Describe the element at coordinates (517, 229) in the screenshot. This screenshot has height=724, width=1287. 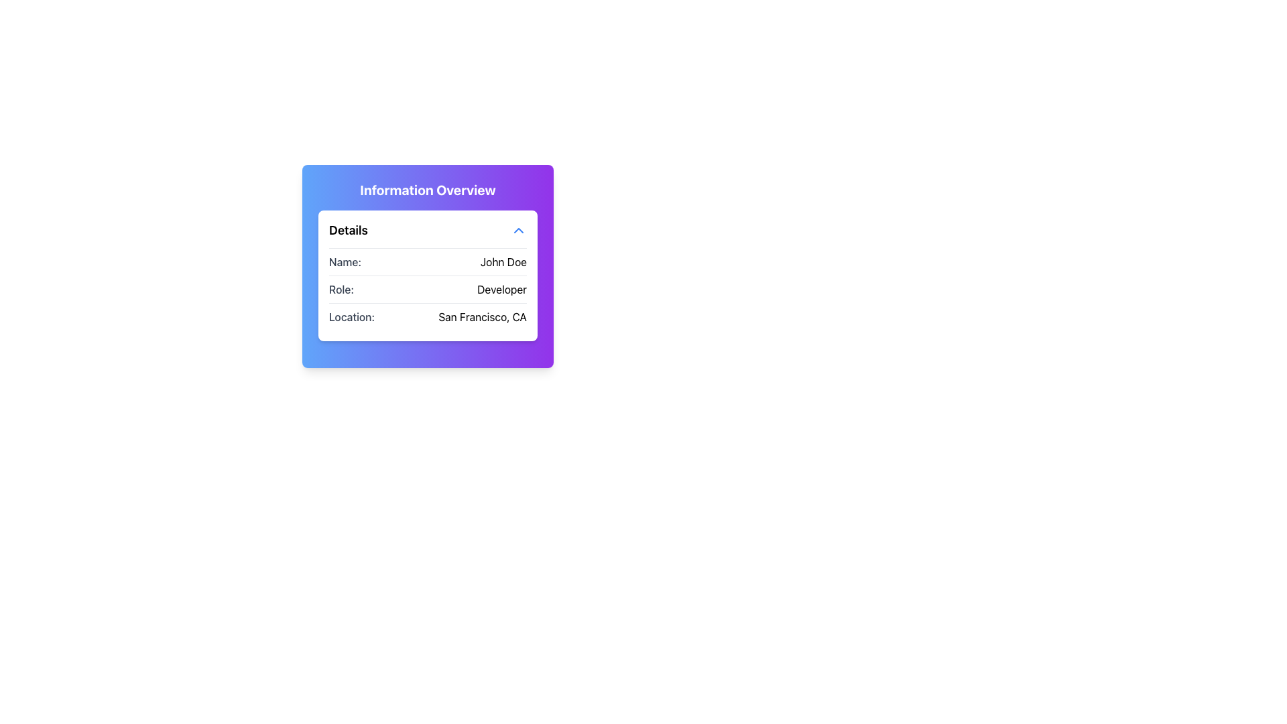
I see `the upward-pointing blue chevron icon located at the top-right corner of the 'Details' section to trigger the hover effect` at that location.